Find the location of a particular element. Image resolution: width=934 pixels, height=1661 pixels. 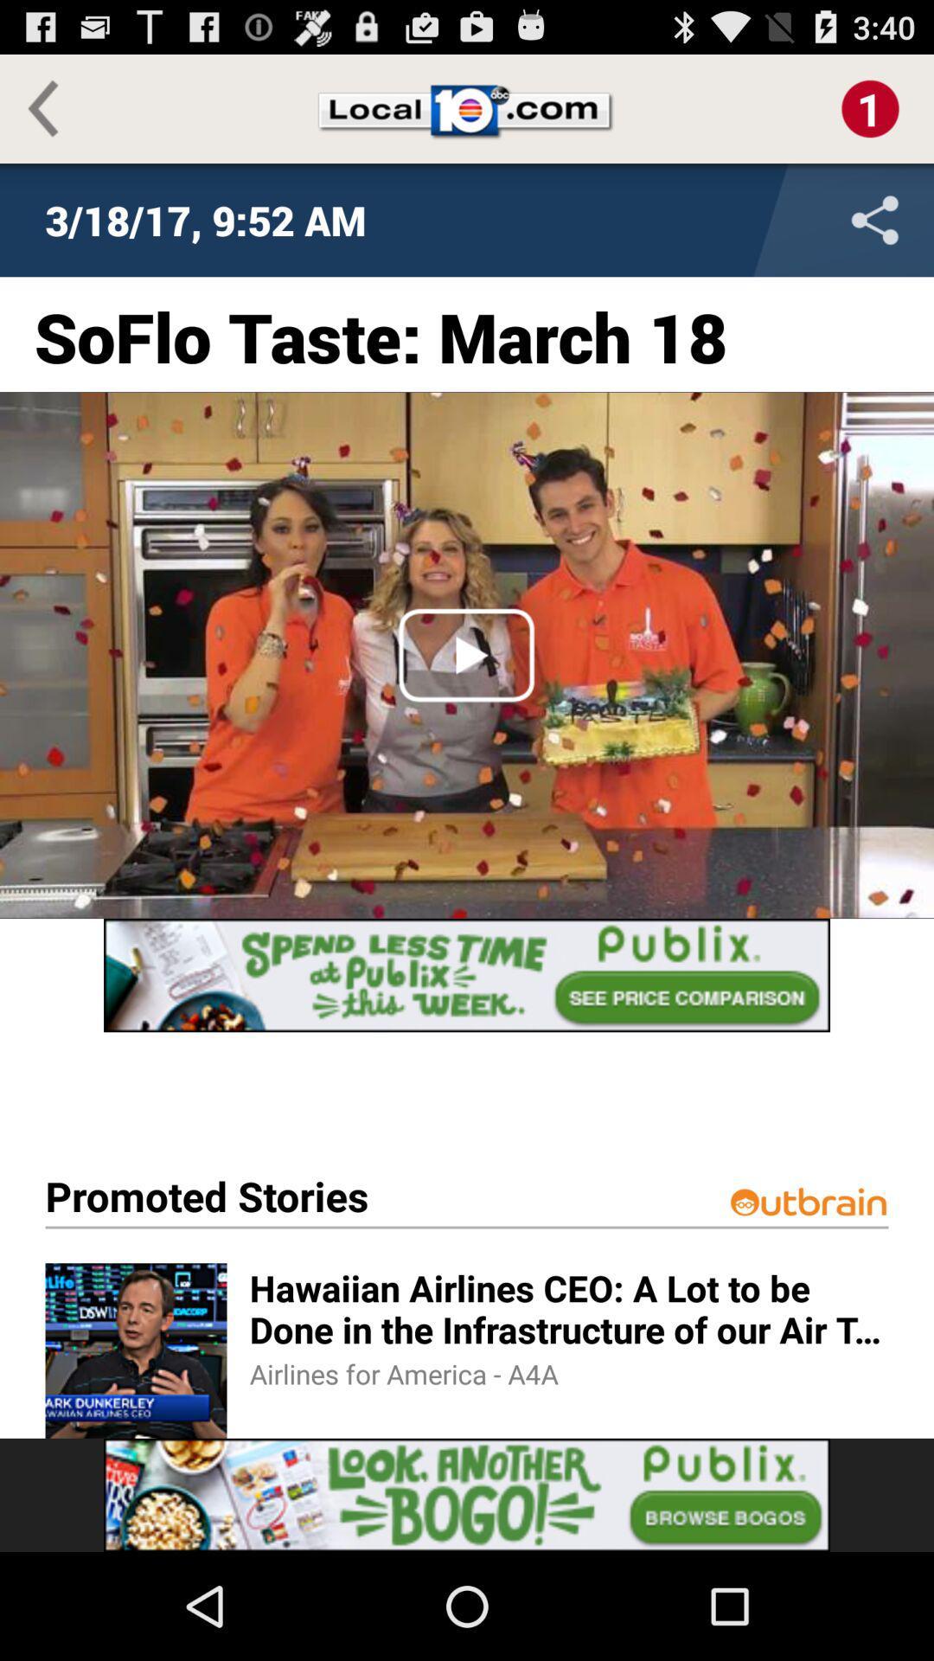

advertisement in new app is located at coordinates (467, 975).